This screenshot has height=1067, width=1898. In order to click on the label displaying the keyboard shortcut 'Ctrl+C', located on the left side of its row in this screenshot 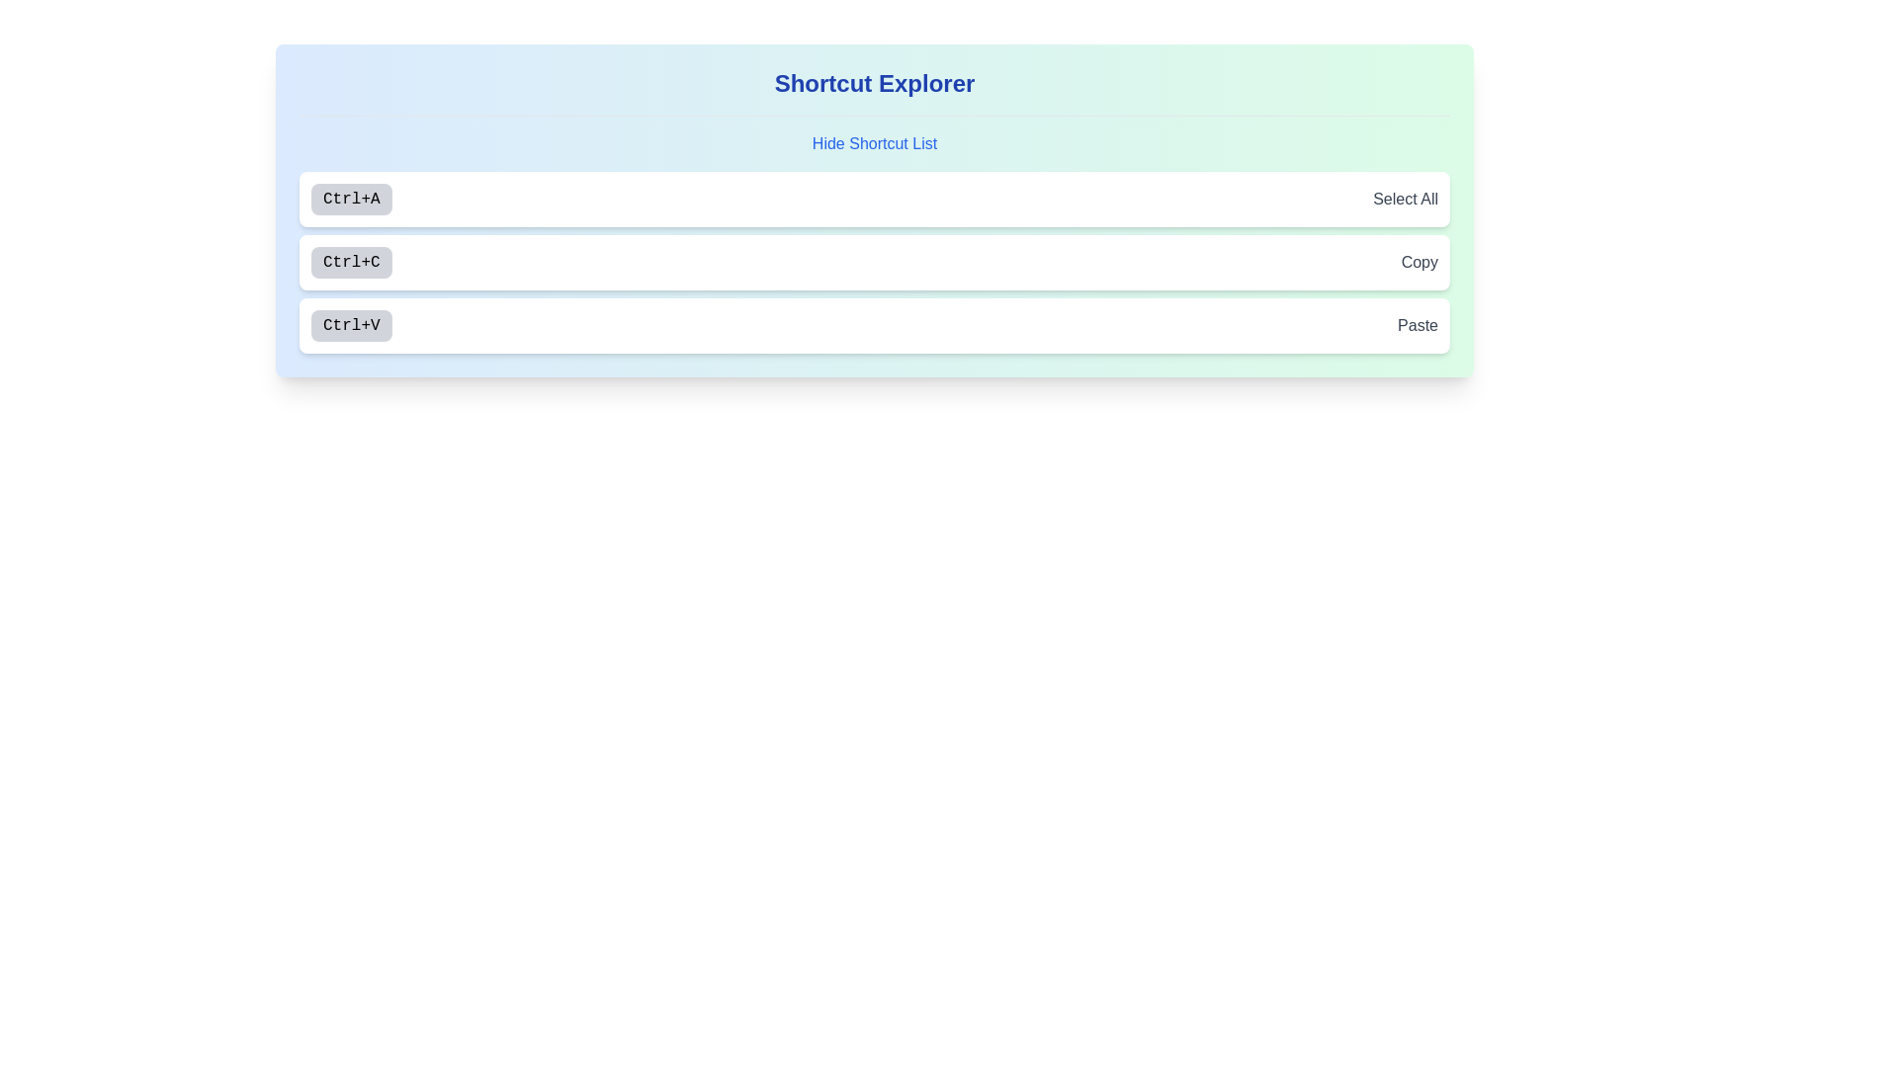, I will do `click(351, 262)`.